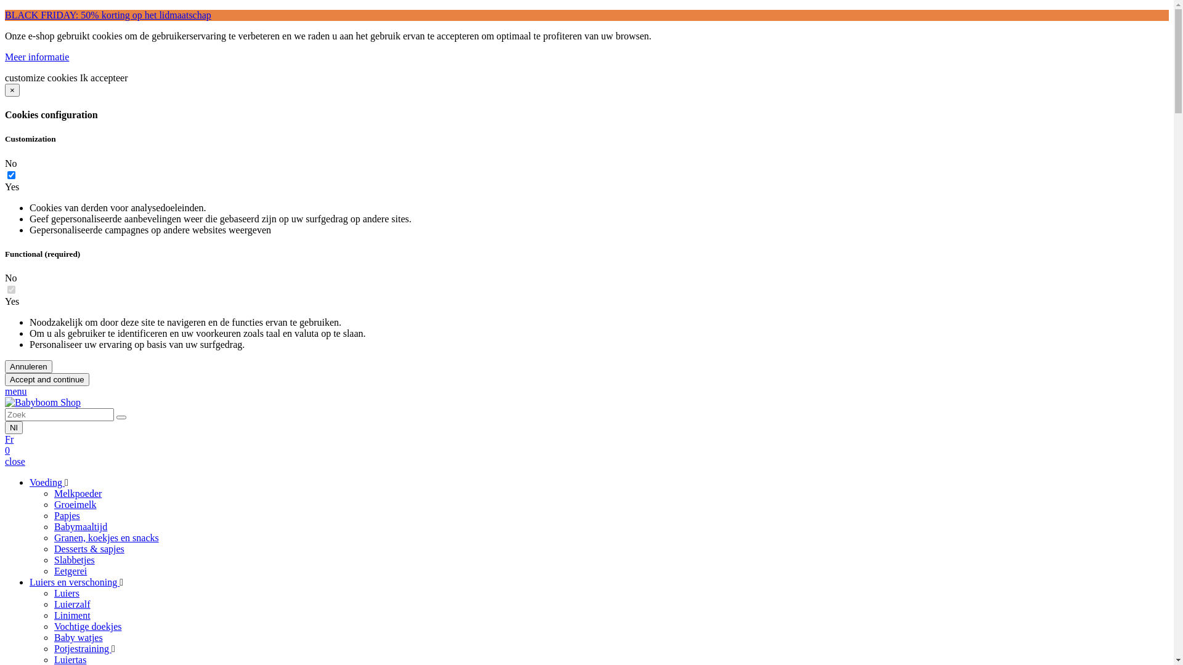 The width and height of the screenshot is (1183, 665). I want to click on 'Papjes', so click(67, 515).